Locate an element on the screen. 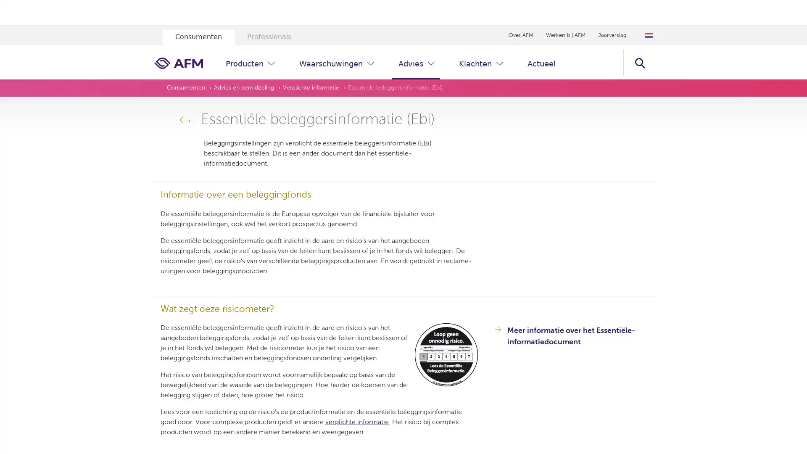 The image size is (807, 454). Zoeken is located at coordinates (509, 37).